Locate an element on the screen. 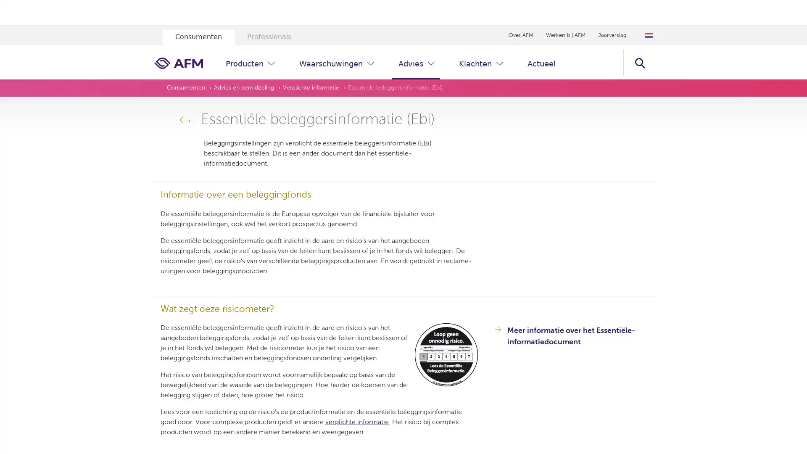 The image size is (807, 454). Zoeken is located at coordinates (509, 37).